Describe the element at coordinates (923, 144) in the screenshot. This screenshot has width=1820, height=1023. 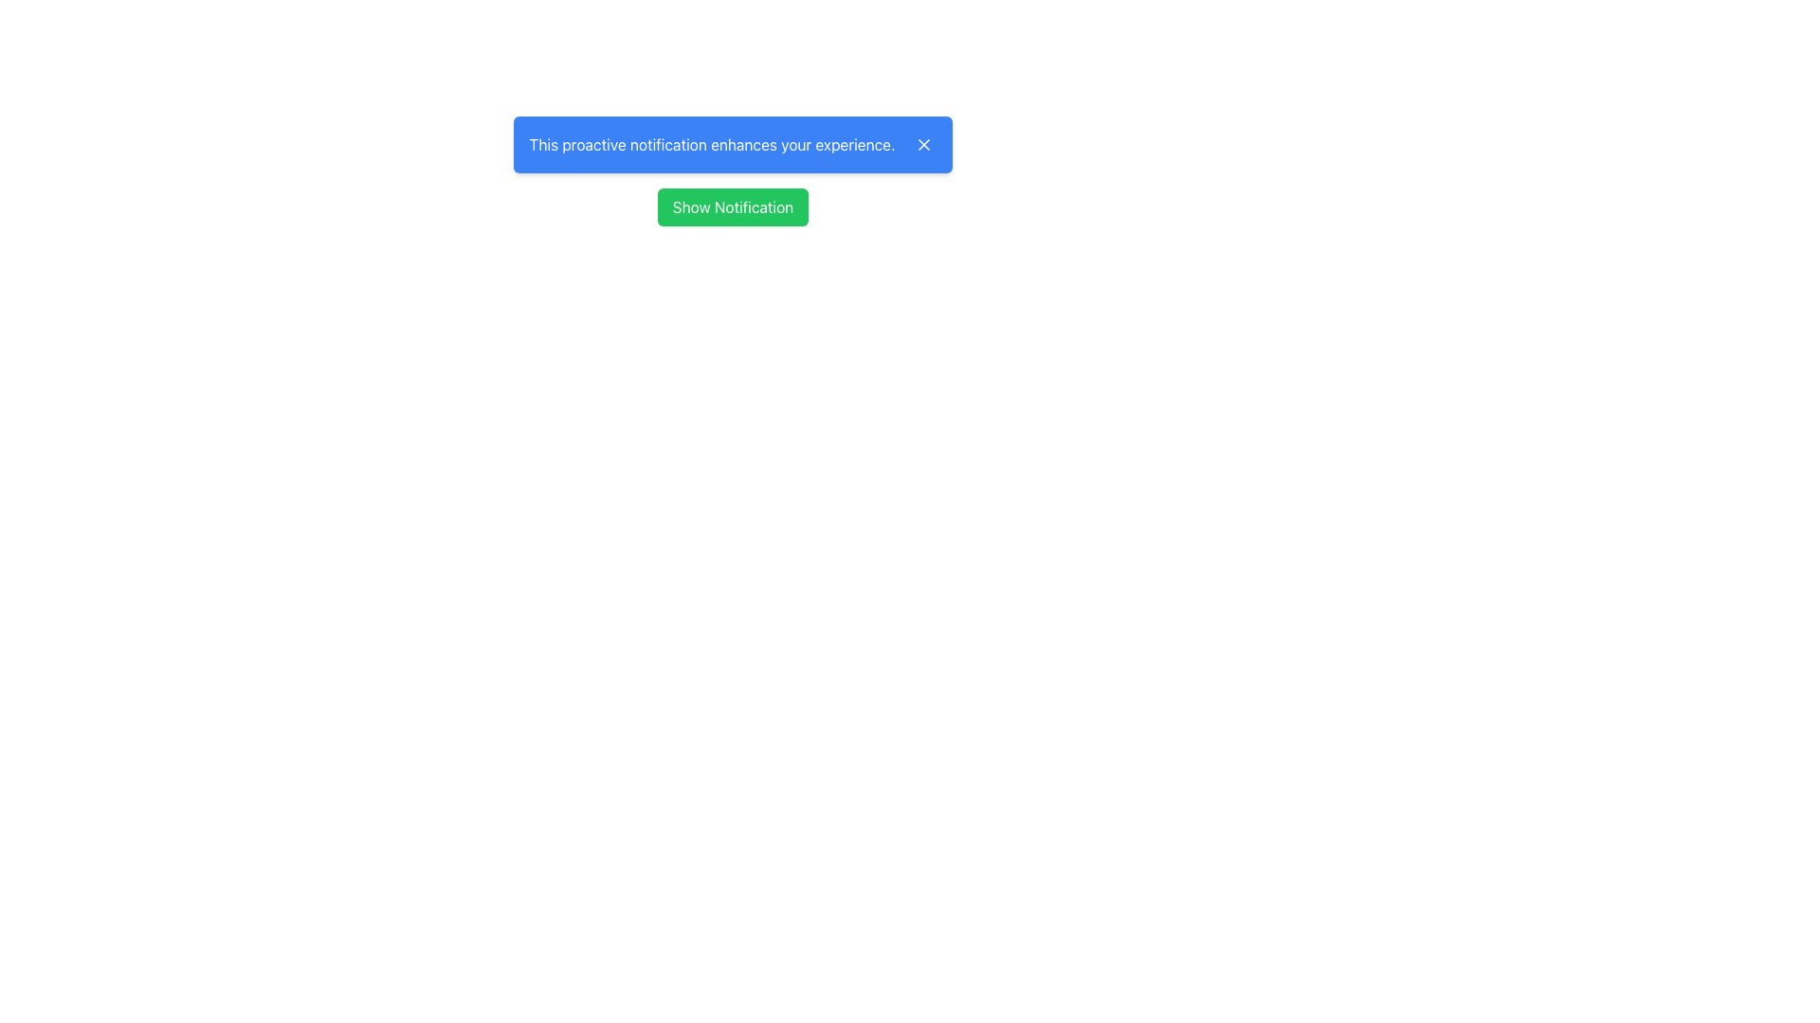
I see `the small square-shaped button with an 'X' icon located at the top-right corner of the blue notification banner` at that location.